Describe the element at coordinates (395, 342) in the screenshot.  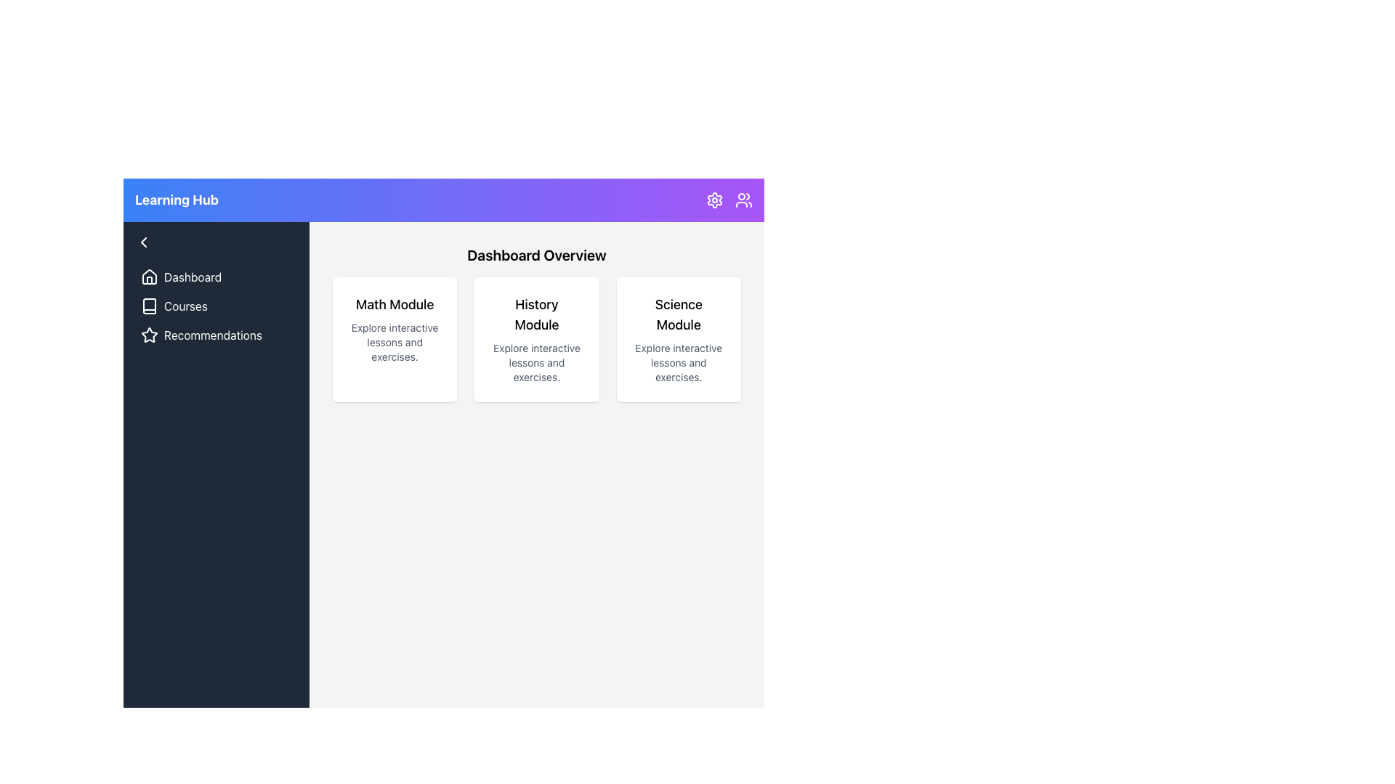
I see `text from the Text Label that displays 'Explore interactive lessons and exercises.' located below the 'Math Module' title in the white card interface` at that location.